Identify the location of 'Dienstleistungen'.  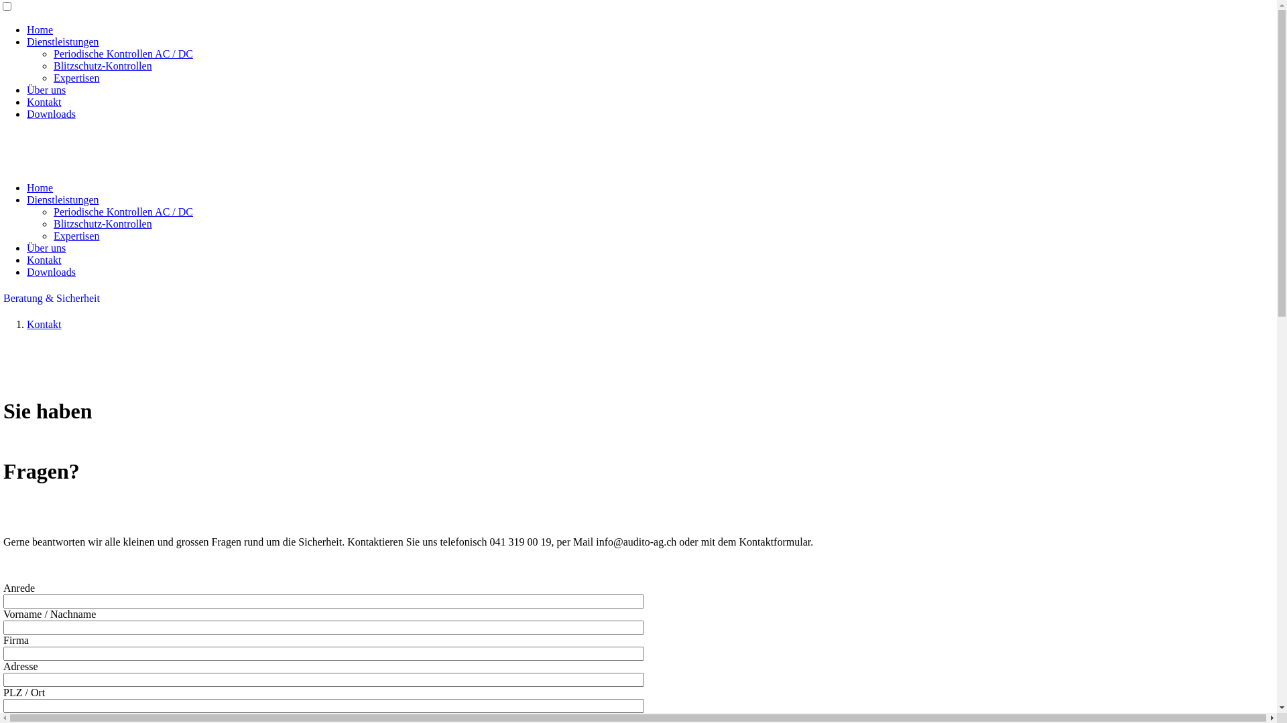
(62, 199).